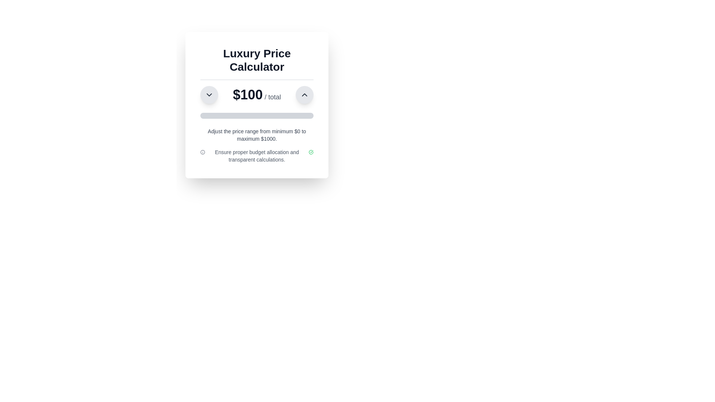 This screenshot has width=715, height=402. I want to click on the leftmost informational icon to uncover information or perform an action related to the information, so click(202, 151).